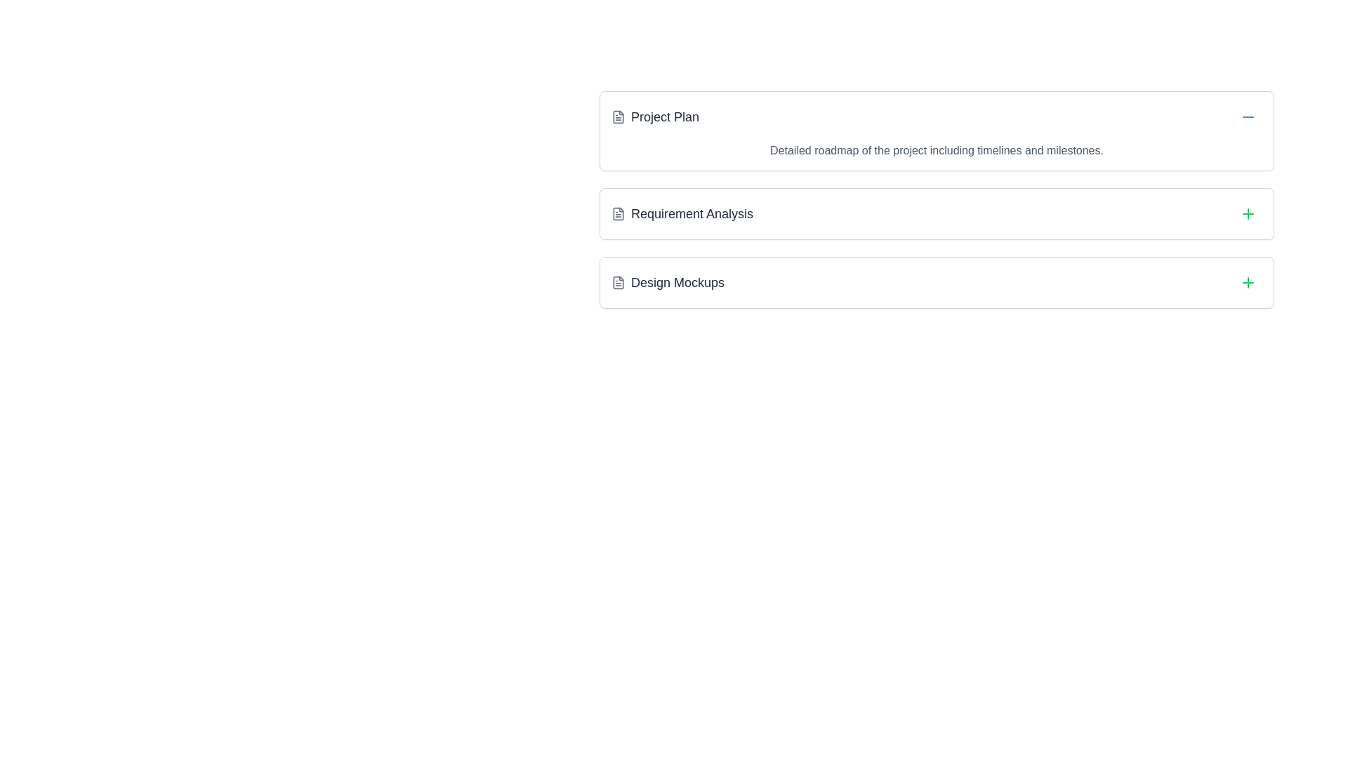  I want to click on the button located to the far right of the 'Design Mockups' item, so click(1248, 282).